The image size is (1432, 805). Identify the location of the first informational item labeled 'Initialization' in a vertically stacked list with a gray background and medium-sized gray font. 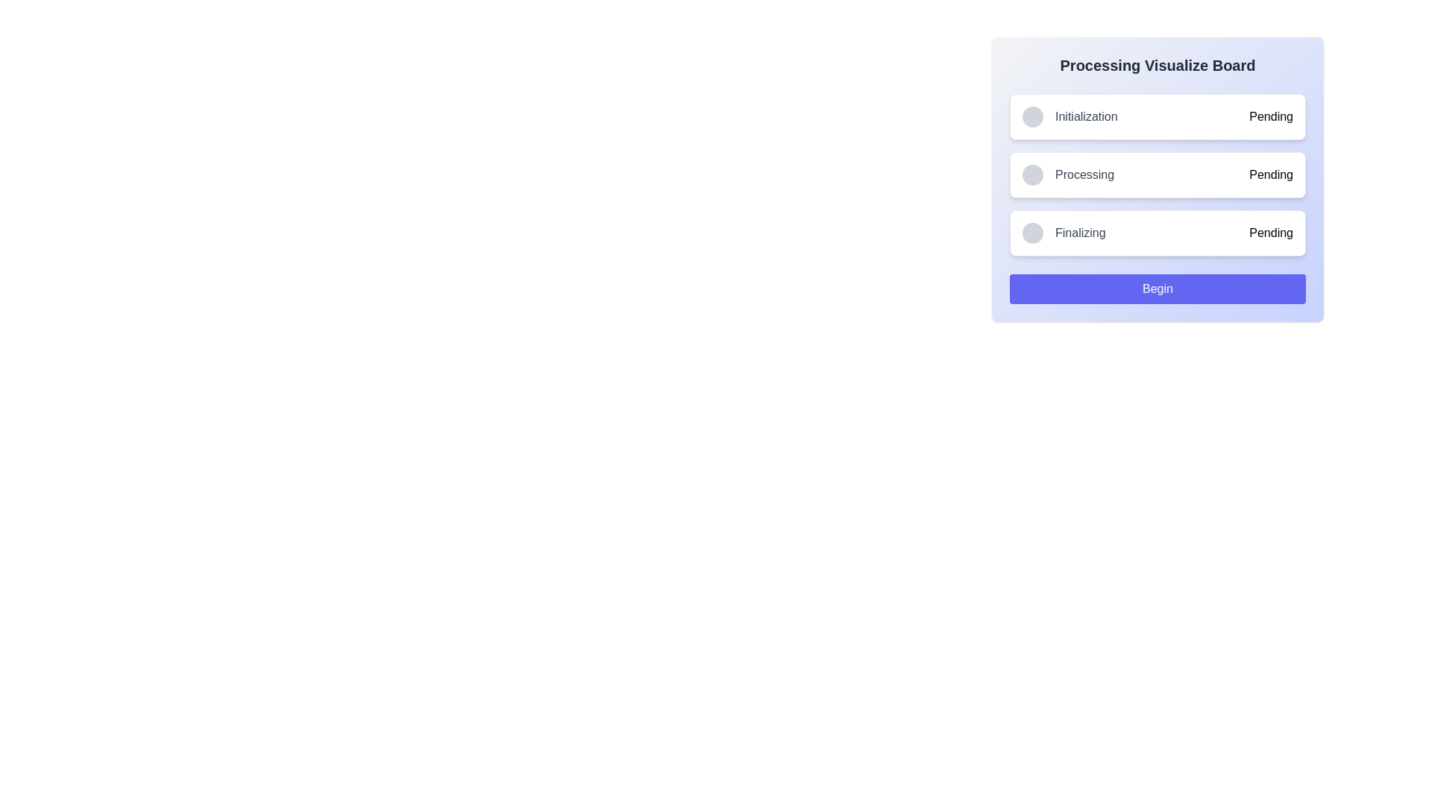
(1069, 116).